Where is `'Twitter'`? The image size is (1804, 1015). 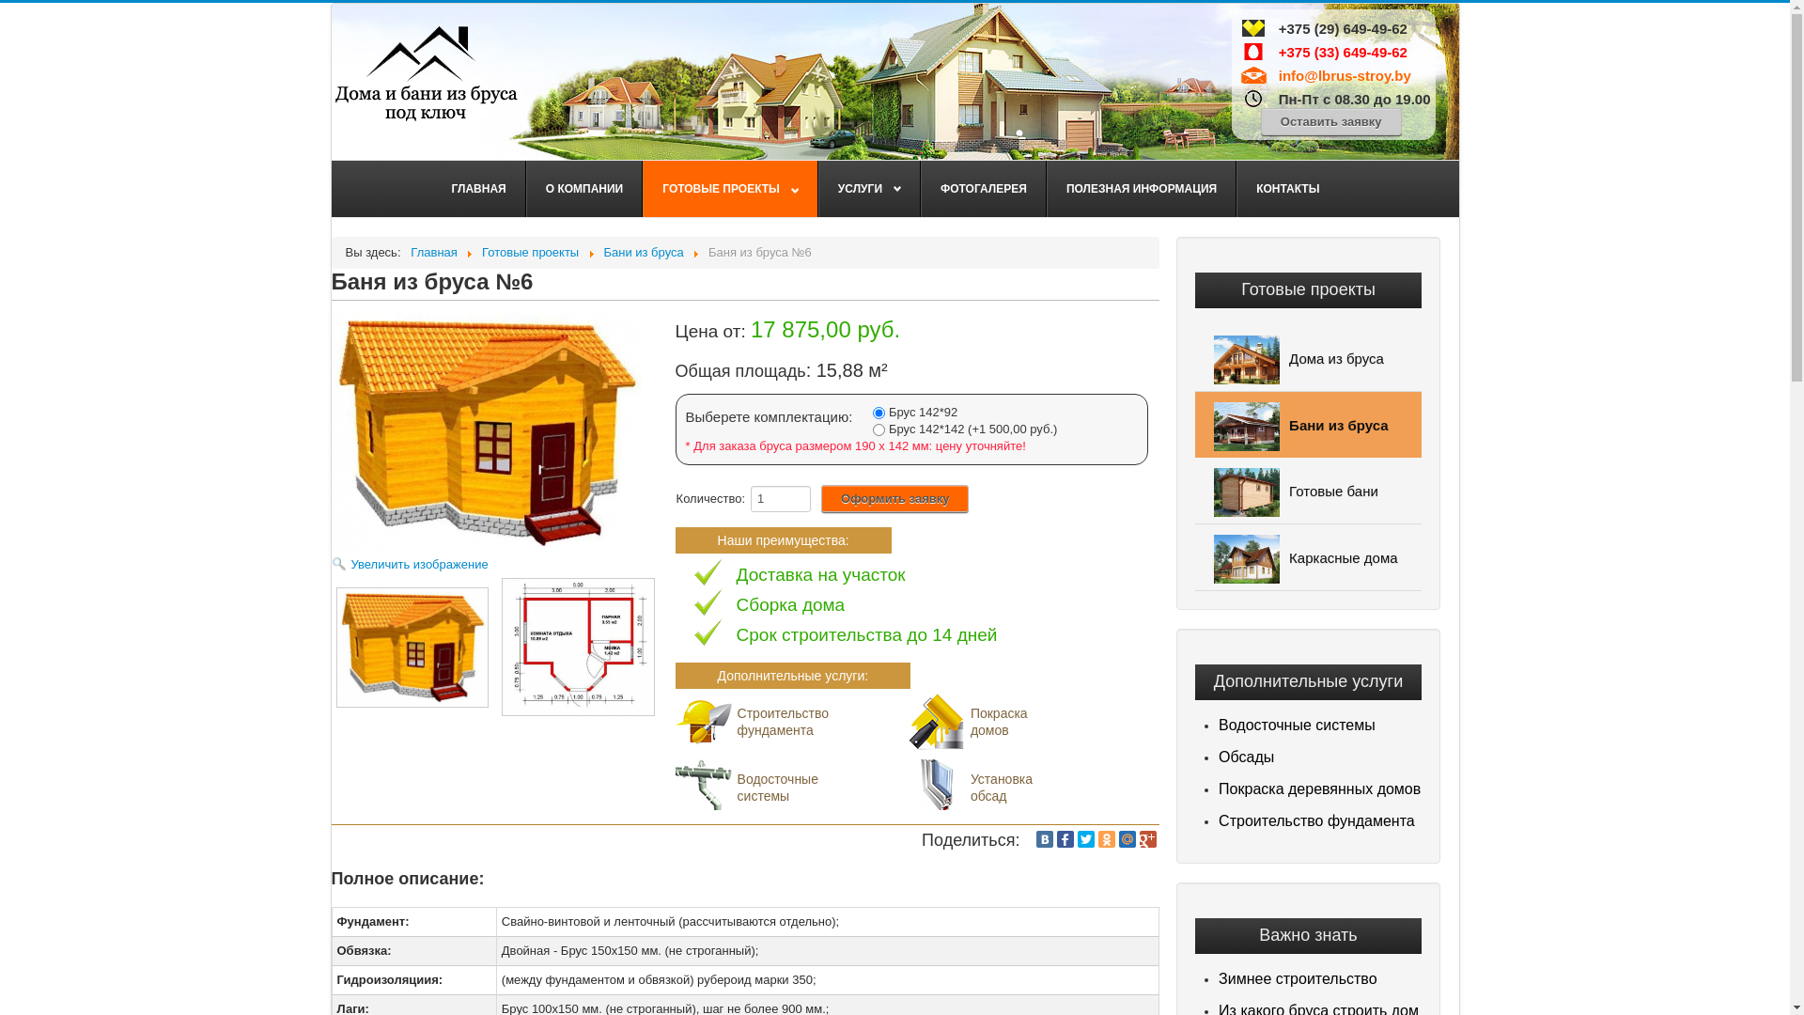 'Twitter' is located at coordinates (1086, 838).